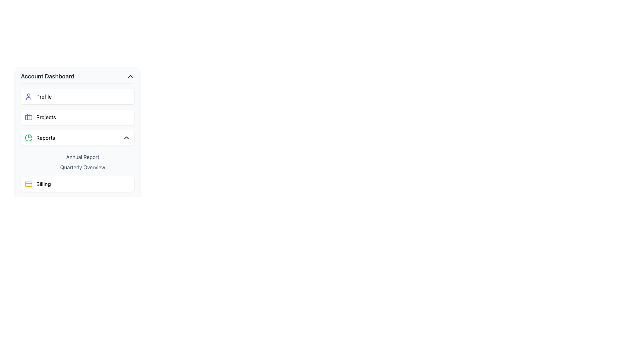  I want to click on the 'Quarterly Overview' text label located centrally in the navigation sidebar, positioned directly below 'Annual Report', so click(82, 167).